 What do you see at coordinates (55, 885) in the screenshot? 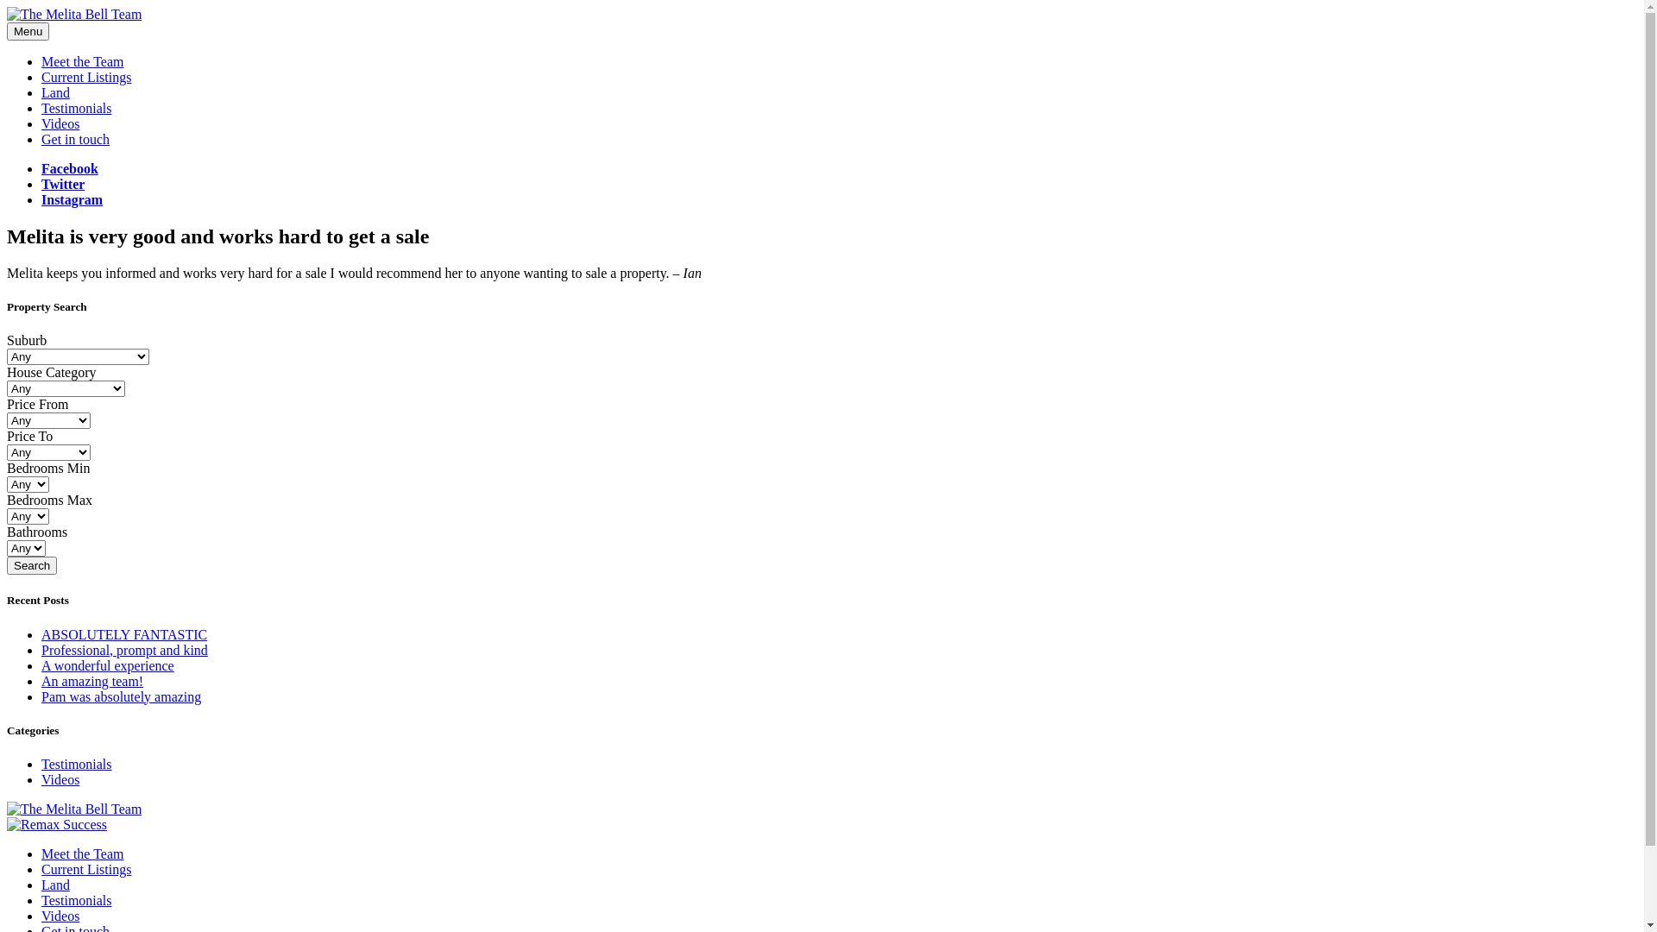
I see `'Land'` at bounding box center [55, 885].